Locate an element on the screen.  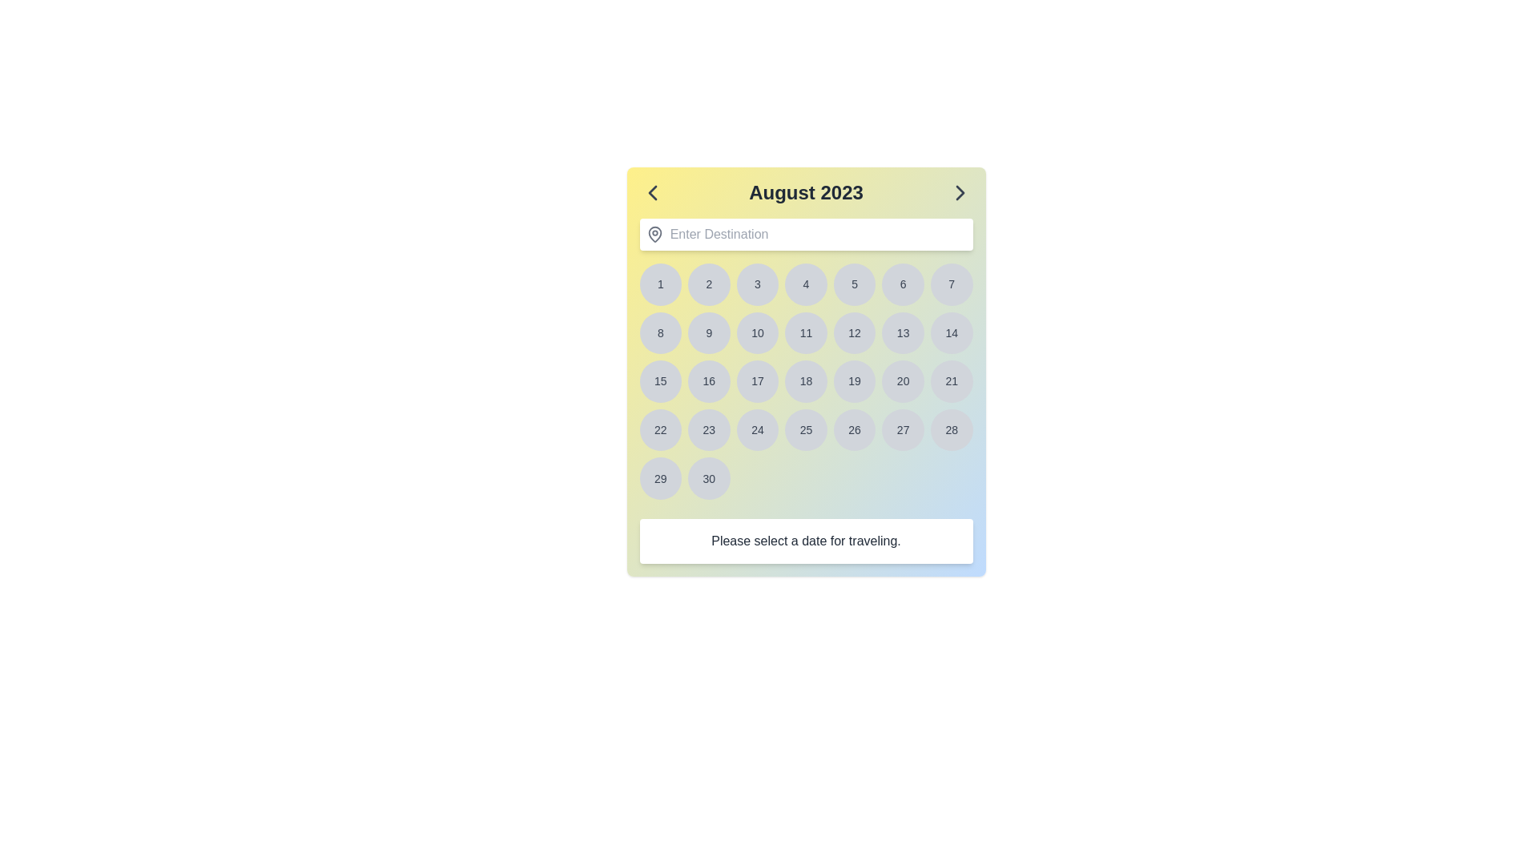
the circular button with a gray background displaying the number '8' in a calendar interface is located at coordinates (660, 332).